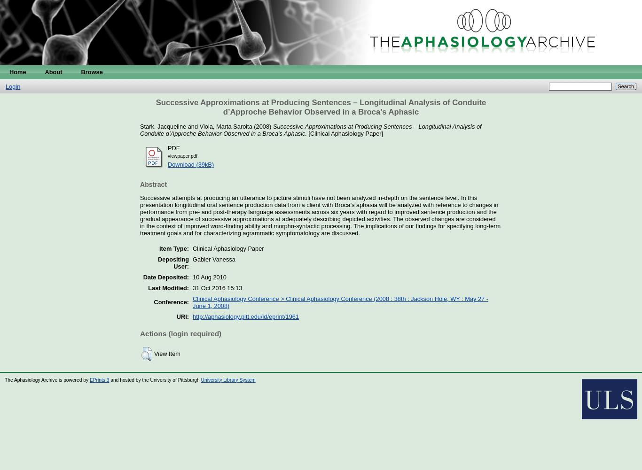  Describe the element at coordinates (192, 126) in the screenshot. I see `'and'` at that location.